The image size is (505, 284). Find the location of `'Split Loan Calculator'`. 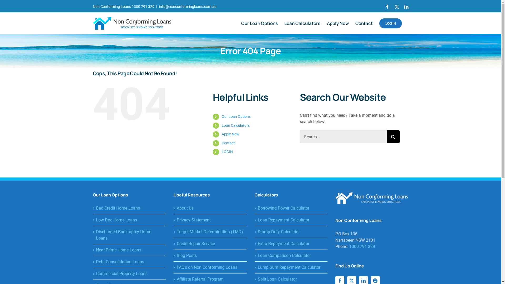

'Split Loan Calculator' is located at coordinates (291, 279).